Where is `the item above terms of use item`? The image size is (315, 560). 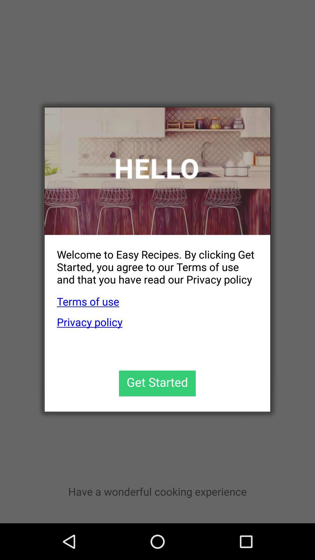
the item above terms of use item is located at coordinates (151, 262).